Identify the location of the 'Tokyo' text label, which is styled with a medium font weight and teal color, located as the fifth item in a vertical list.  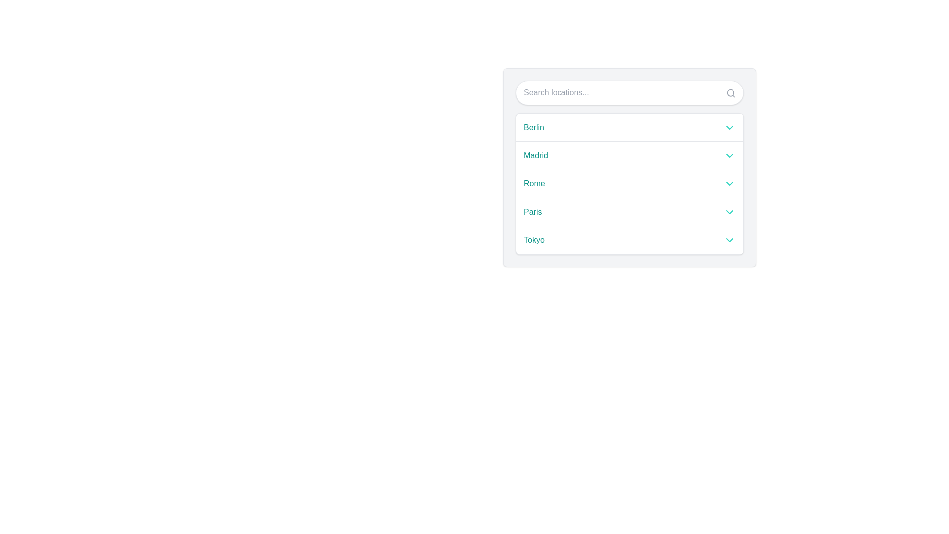
(533, 240).